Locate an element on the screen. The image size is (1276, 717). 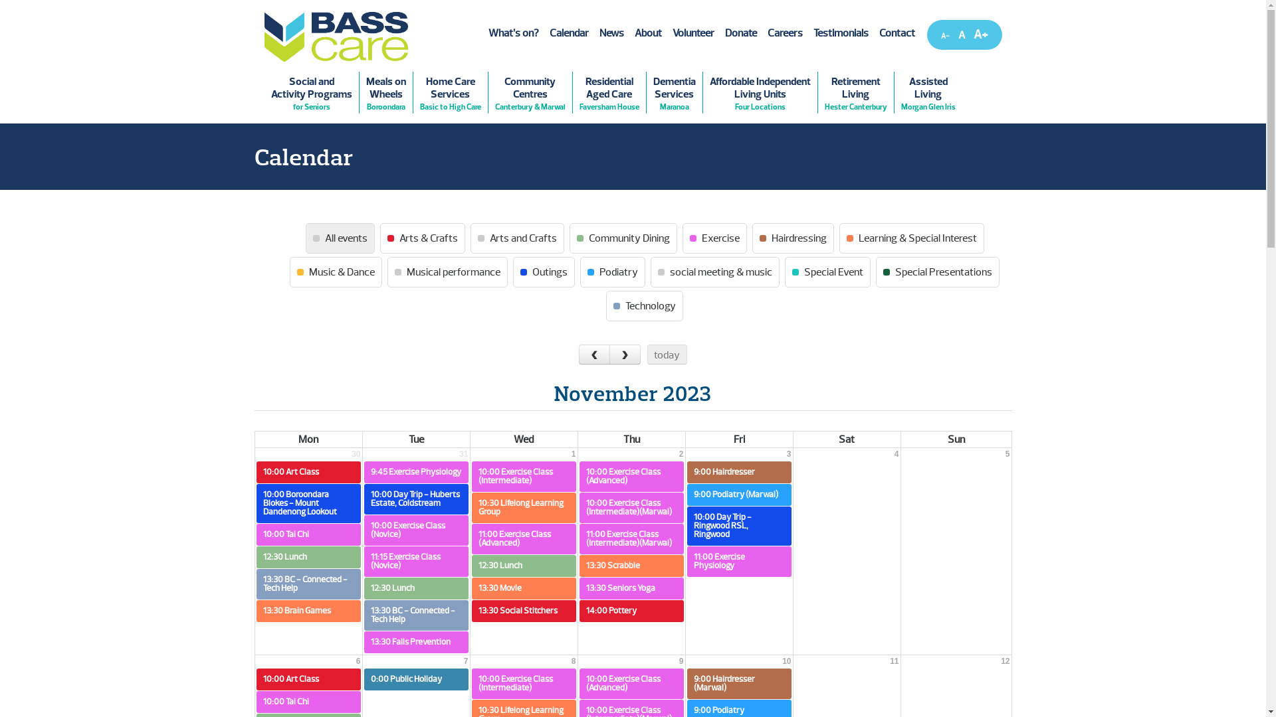
'11:15 Exercise Class (Novice) is located at coordinates (415, 561).